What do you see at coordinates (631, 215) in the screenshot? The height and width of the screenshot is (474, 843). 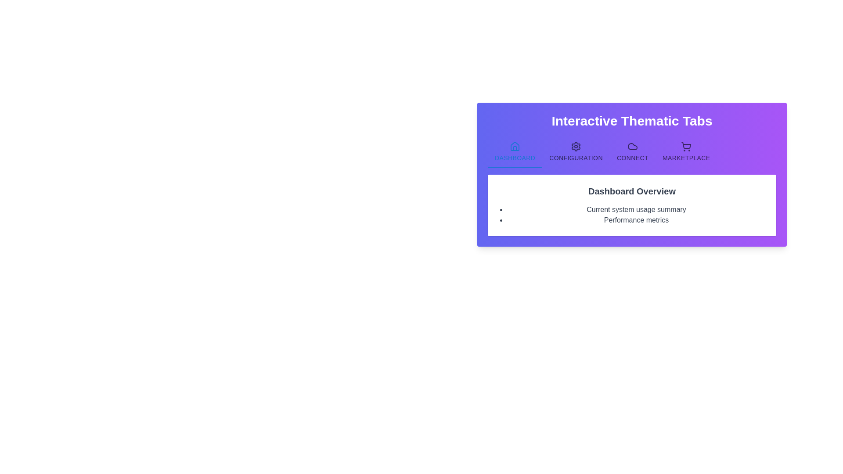 I see `the two-line bulleted list displaying 'Current system usage summary' and 'Performance metrics' located beneath the 'Dashboard Overview' heading` at bounding box center [631, 215].